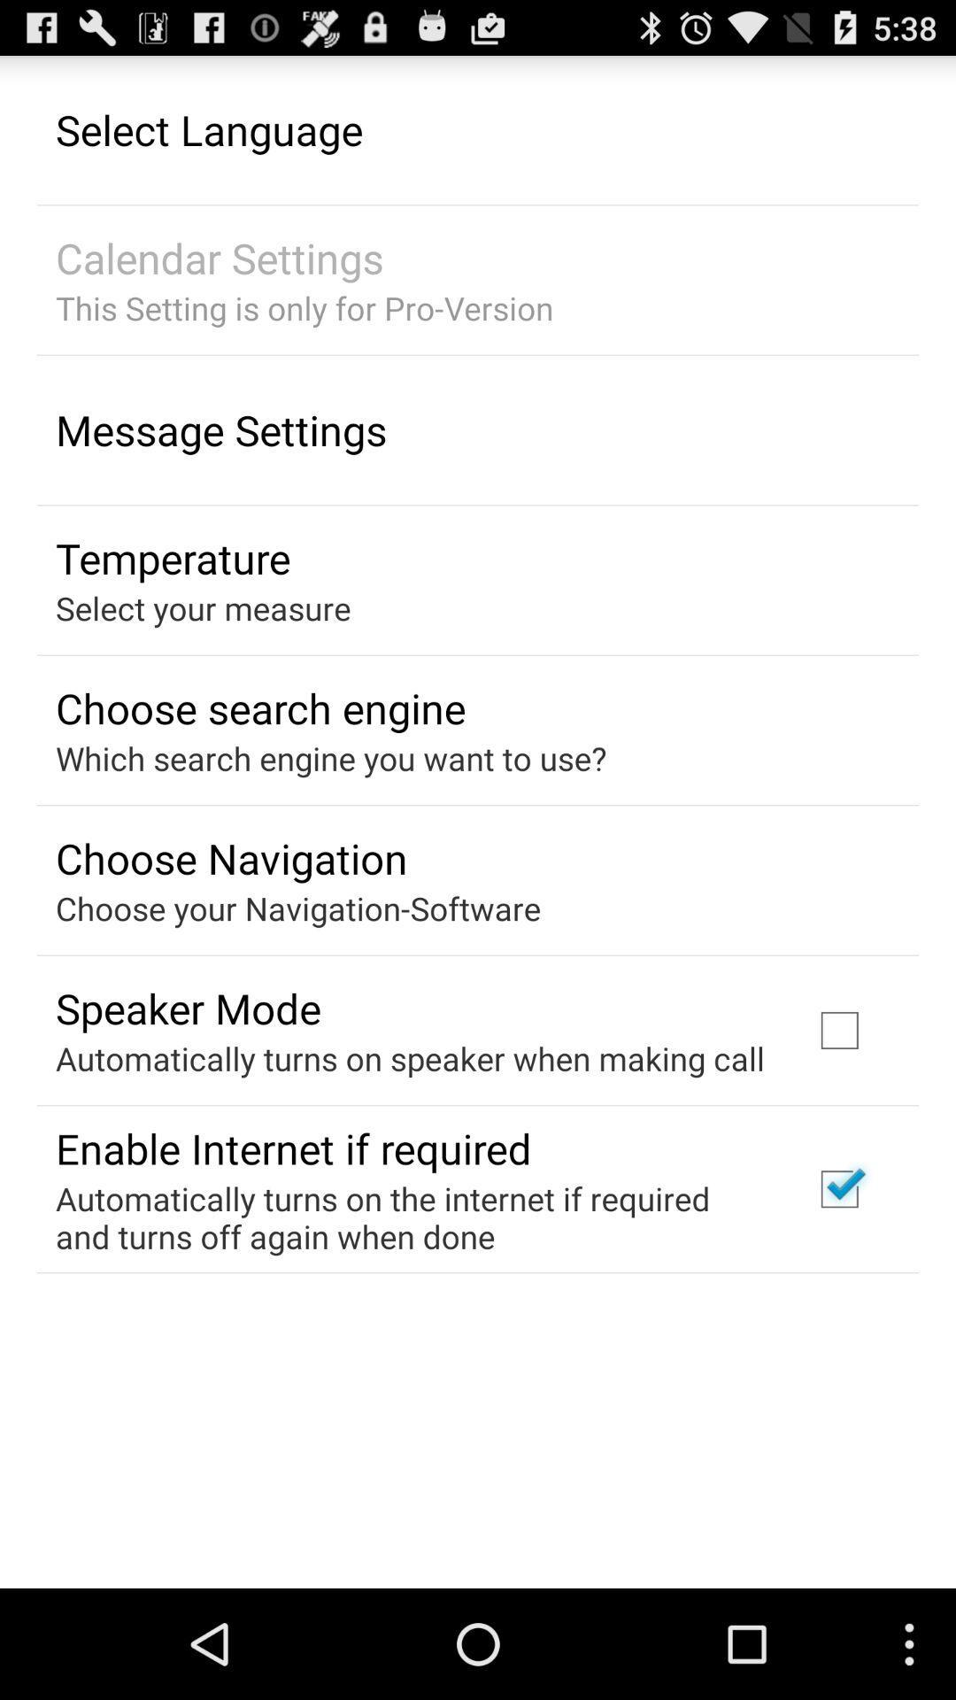 This screenshot has width=956, height=1700. I want to click on icon below the this setting is, so click(220, 429).